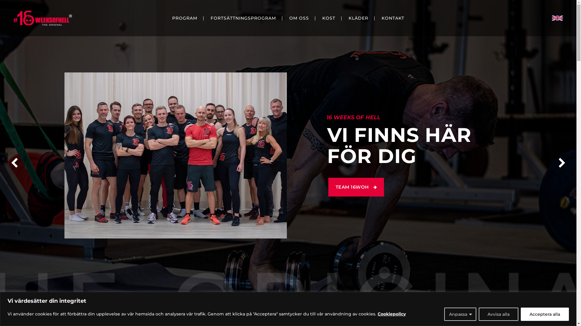 This screenshot has width=581, height=326. What do you see at coordinates (498, 314) in the screenshot?
I see `'Avvisa alla'` at bounding box center [498, 314].